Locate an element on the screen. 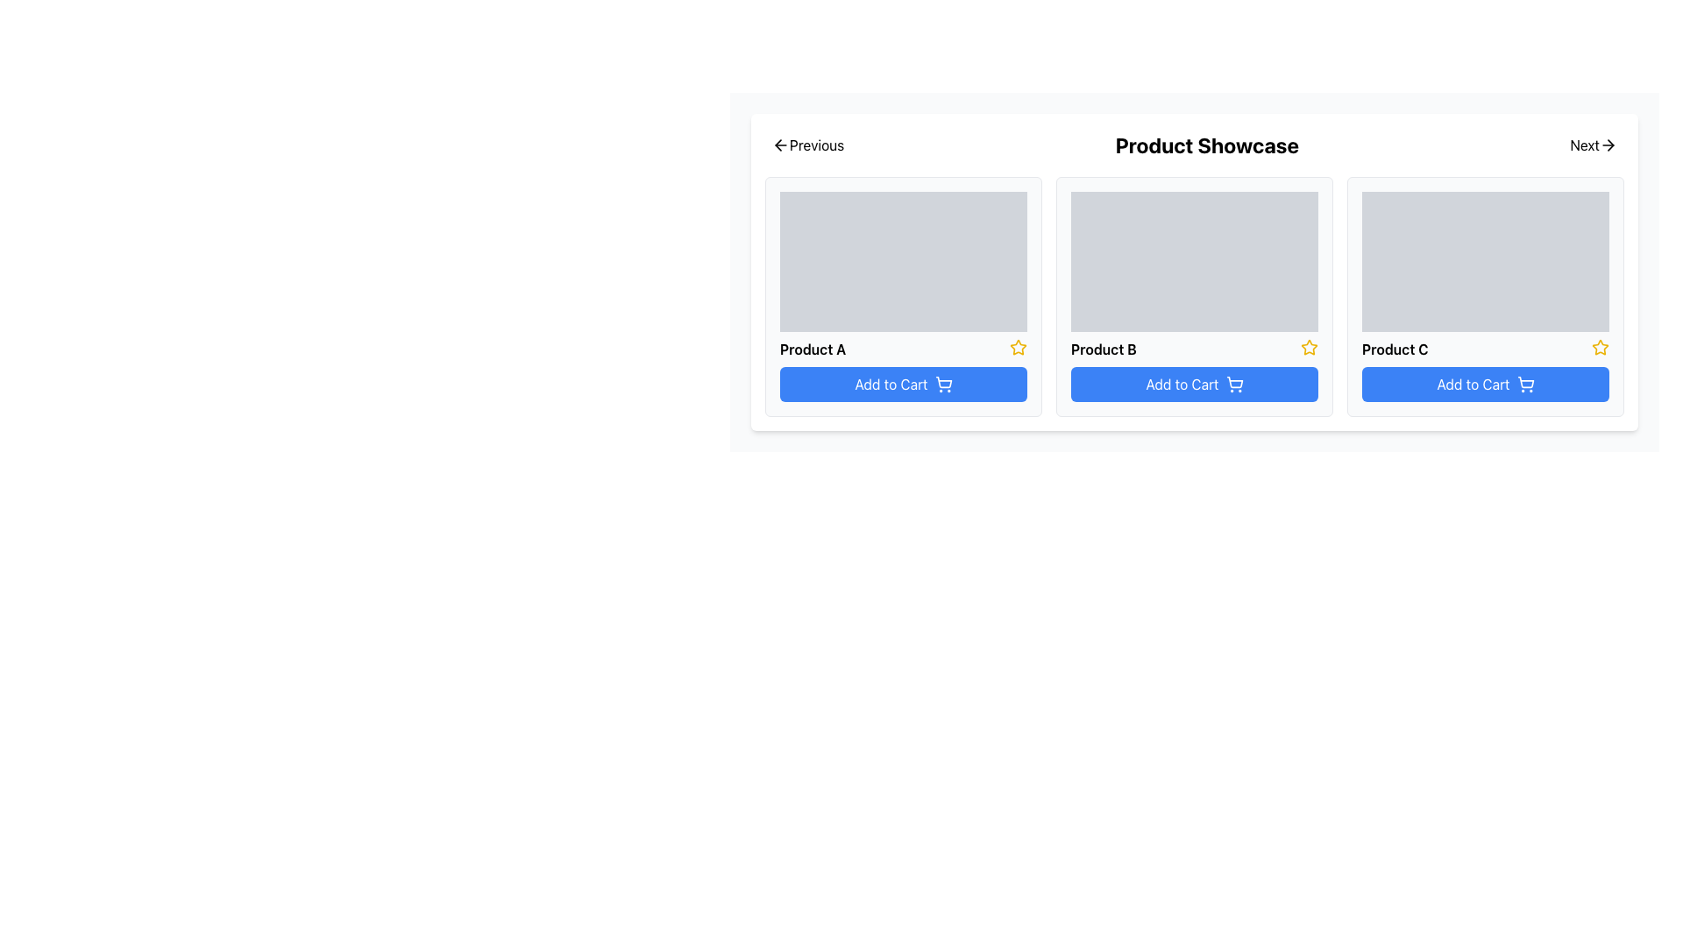 This screenshot has height=946, width=1683. the 'Next' button located at the top right of the navigation control bar is located at coordinates (1594, 144).